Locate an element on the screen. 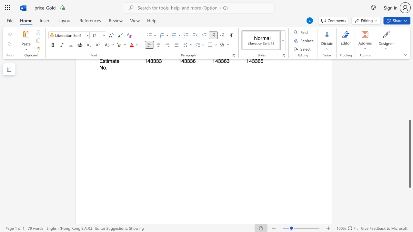 Image resolution: width=413 pixels, height=232 pixels. the scrollbar on the right side to scroll the page up is located at coordinates (409, 102).